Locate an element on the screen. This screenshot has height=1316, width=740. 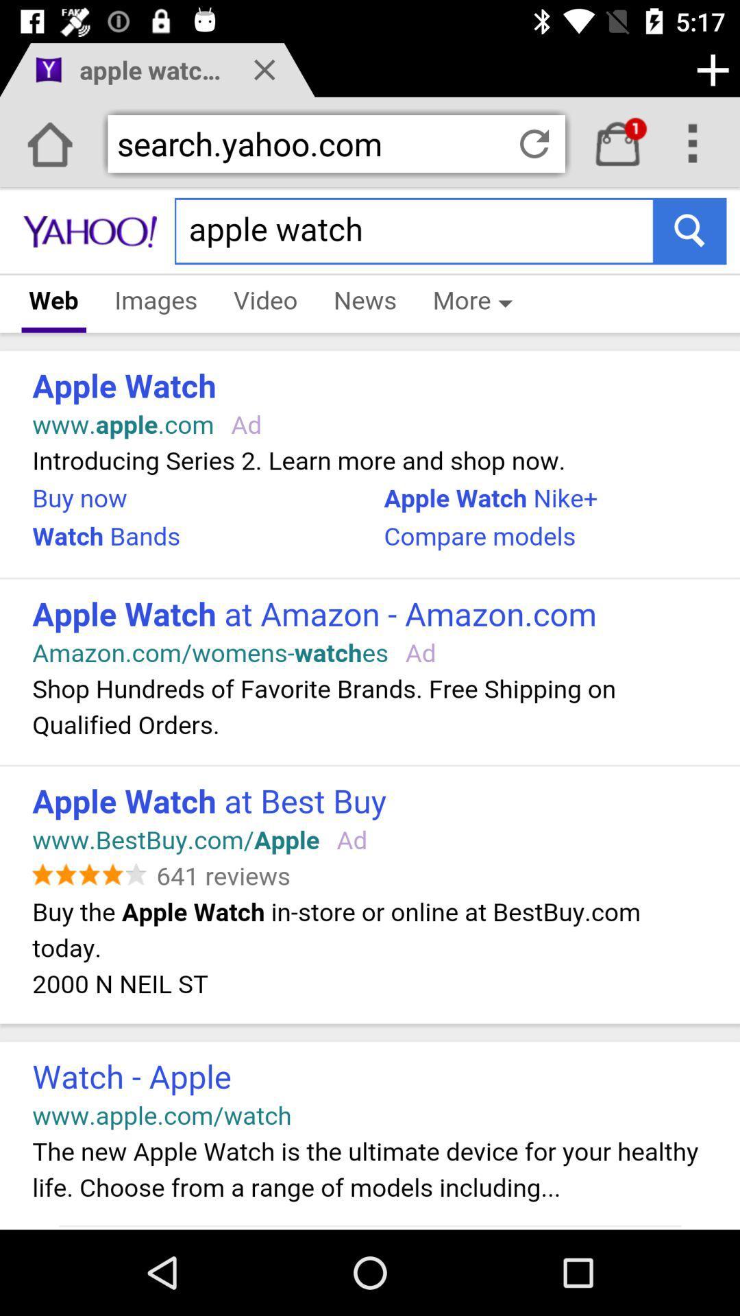
the add icon is located at coordinates (712, 69).